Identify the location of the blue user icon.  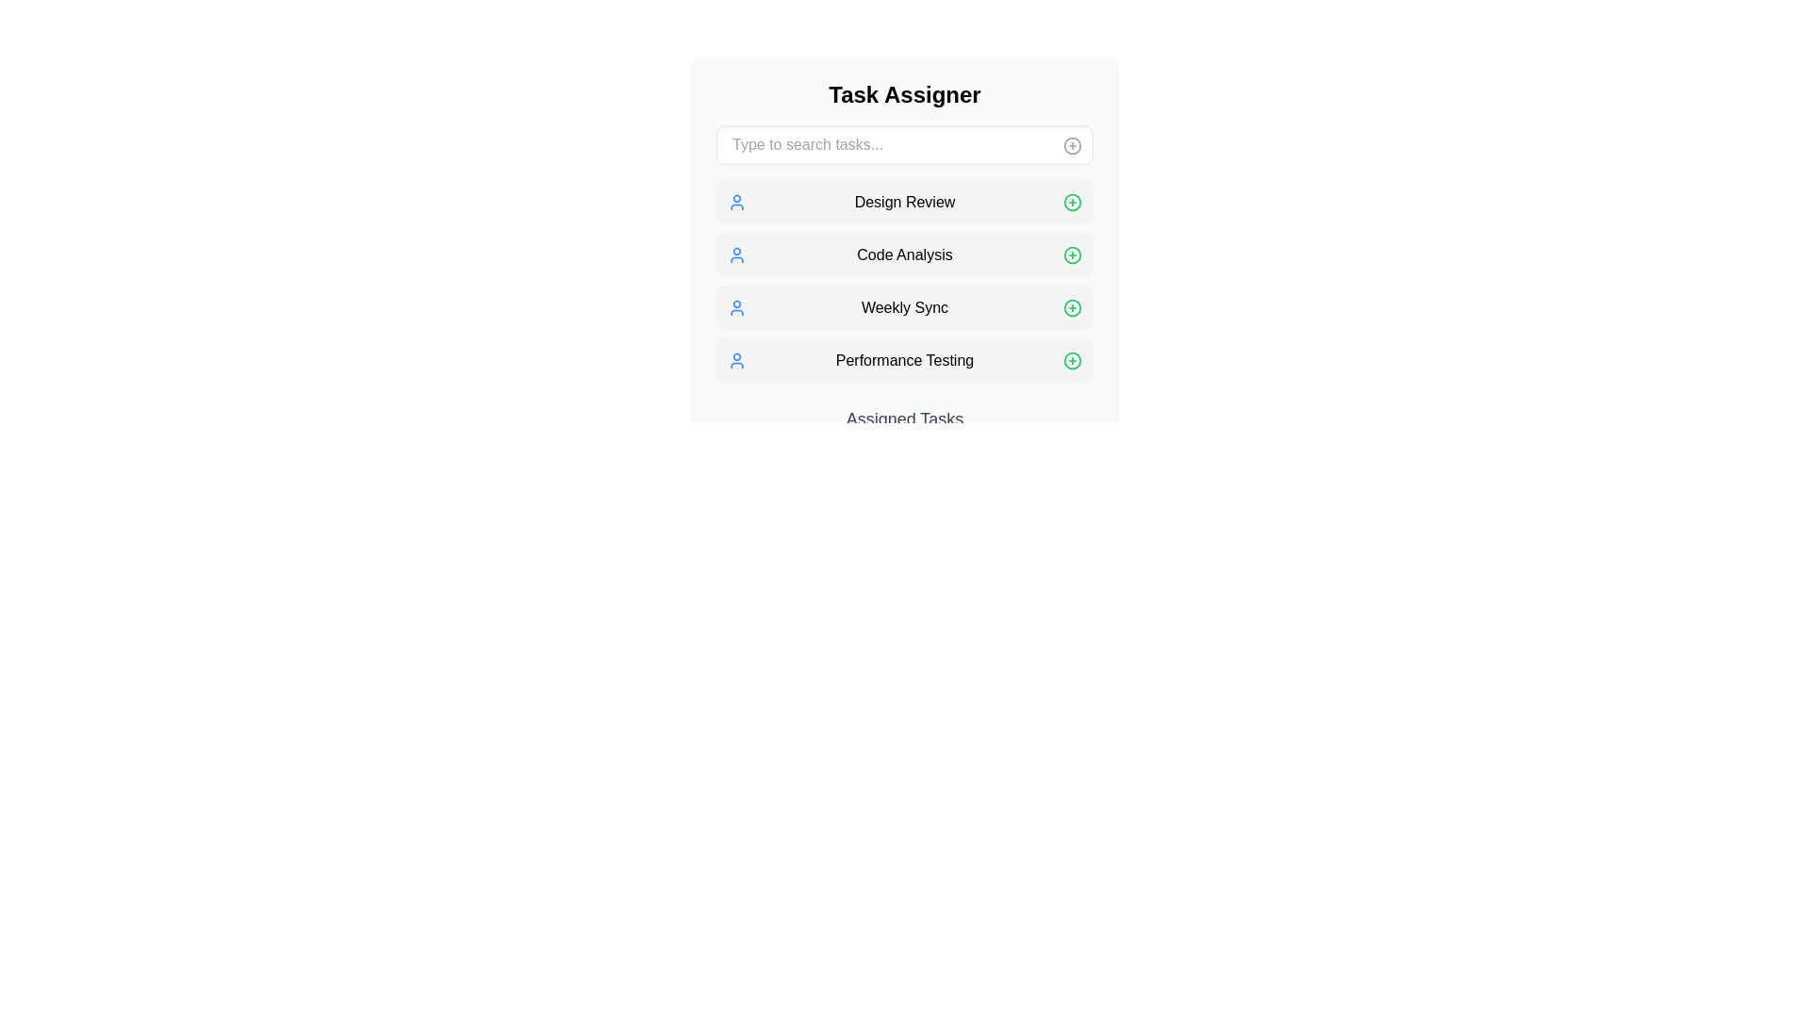
(736, 307).